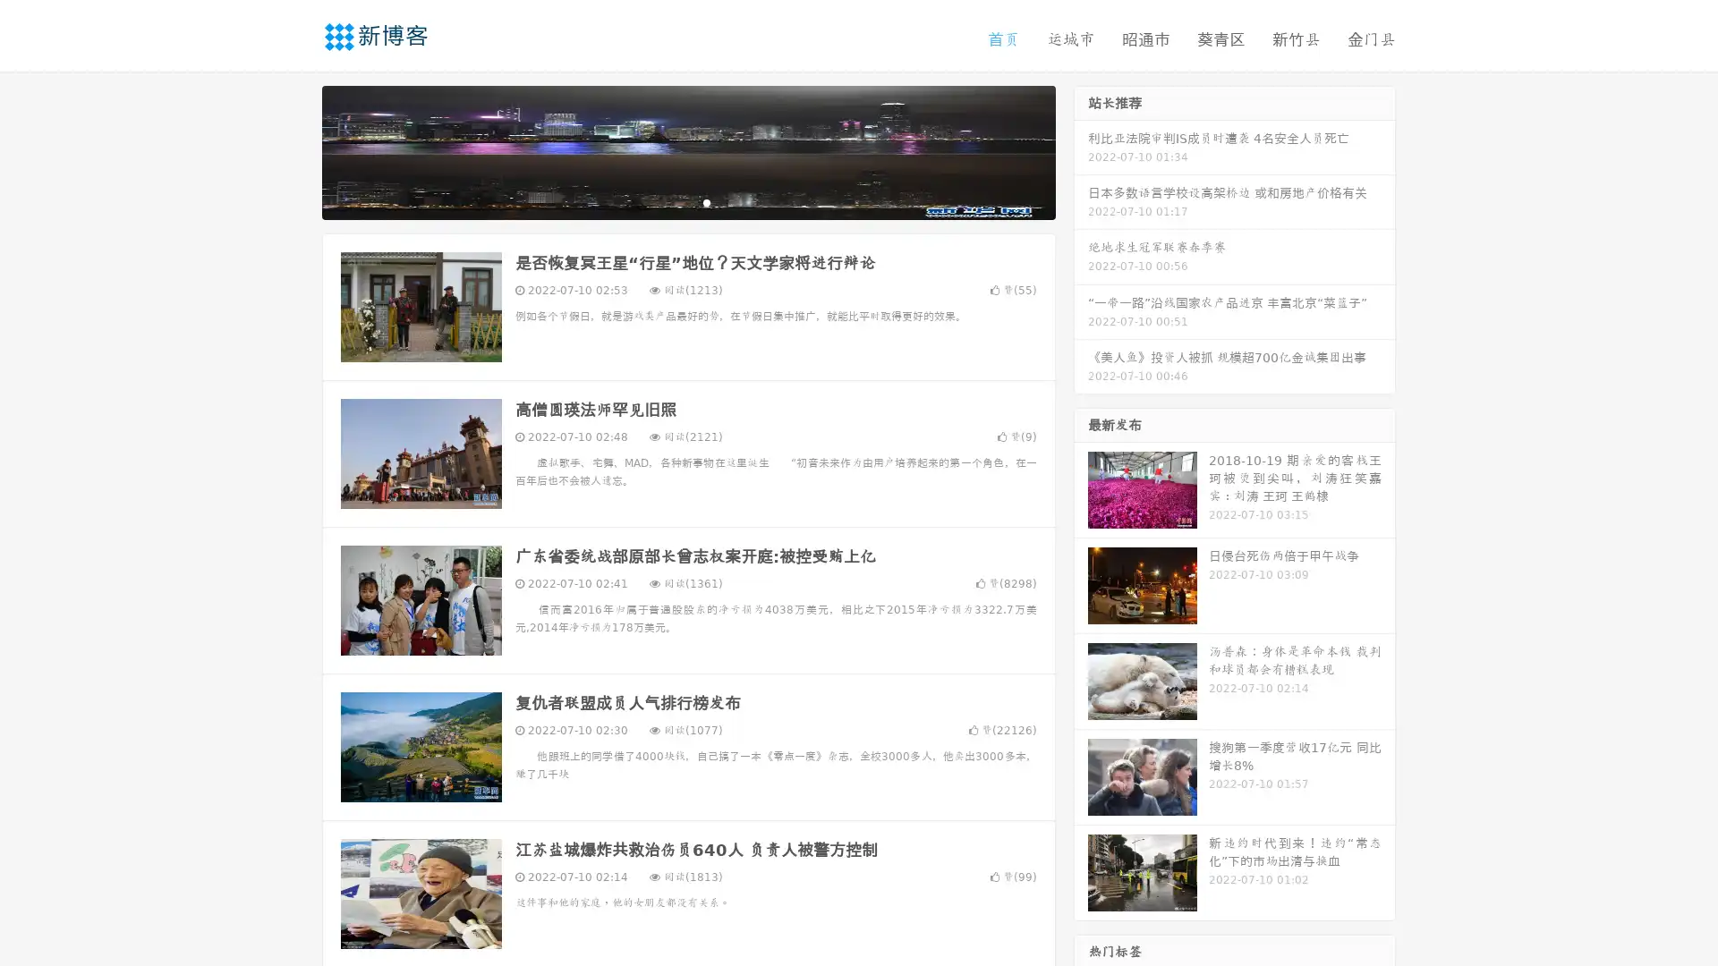 This screenshot has width=1718, height=966. What do you see at coordinates (669, 201) in the screenshot?
I see `Go to slide 1` at bounding box center [669, 201].